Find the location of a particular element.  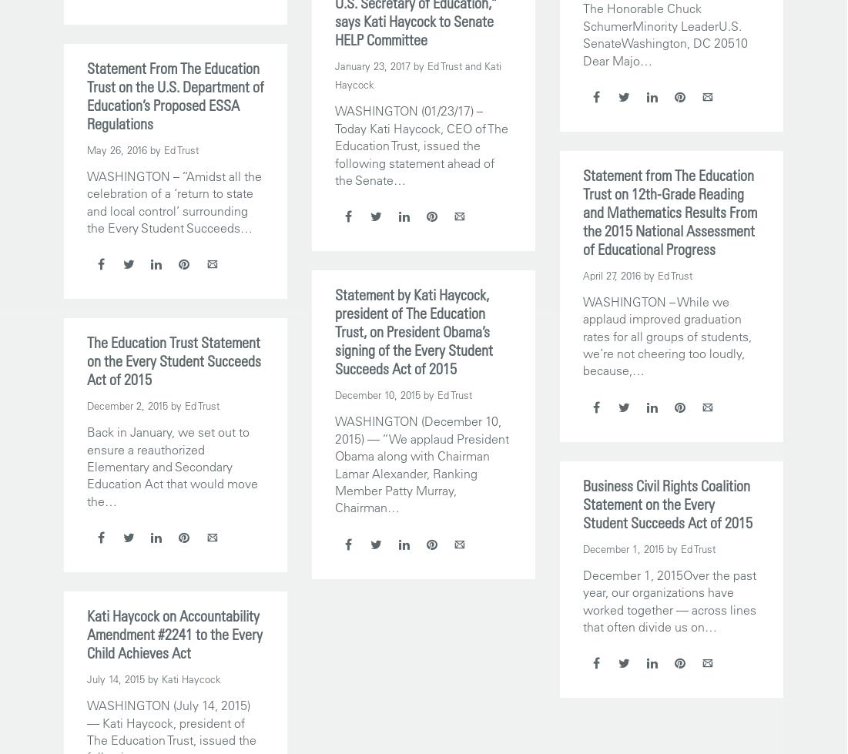

'WASHINGTON – While we applaud improved graduation rates for all groups of students, we’re not cheering too loudly, because,…' is located at coordinates (581, 336).